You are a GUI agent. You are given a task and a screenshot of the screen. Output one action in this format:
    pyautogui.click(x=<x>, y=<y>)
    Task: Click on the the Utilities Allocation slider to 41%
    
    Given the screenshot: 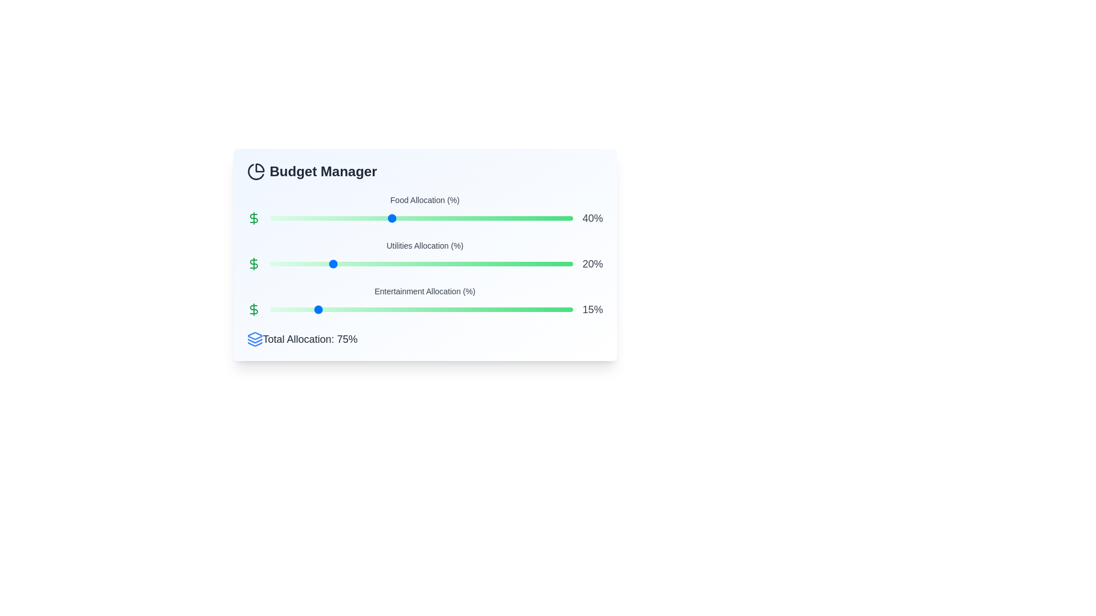 What is the action you would take?
    pyautogui.click(x=394, y=264)
    